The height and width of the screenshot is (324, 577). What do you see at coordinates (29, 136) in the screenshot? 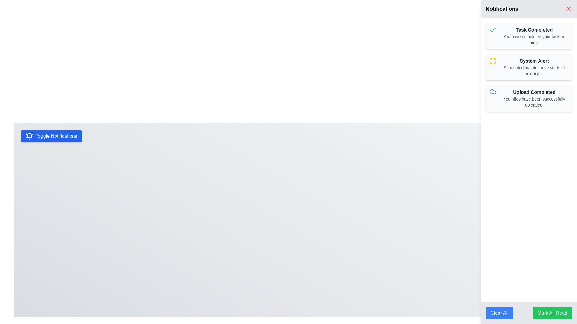
I see `the Icon that visually represents the purpose of the 'Toggle Notifications' button located in the top-left section of the interface` at bounding box center [29, 136].